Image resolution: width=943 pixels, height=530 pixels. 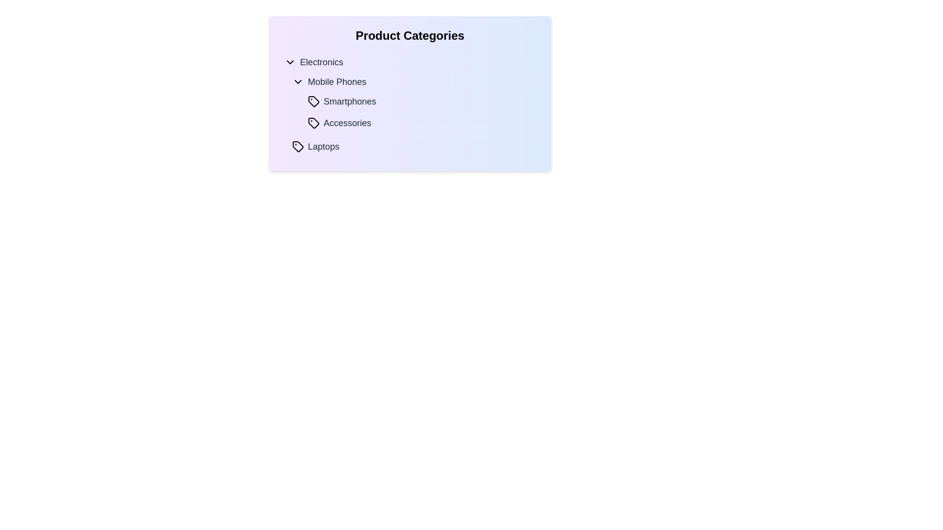 What do you see at coordinates (323, 147) in the screenshot?
I see `the 'Laptops' text label, which is styled in gray and part of the vertical menu structure under 'Product Categories', positioned as the third item in the list under 'Mobile Phones'` at bounding box center [323, 147].